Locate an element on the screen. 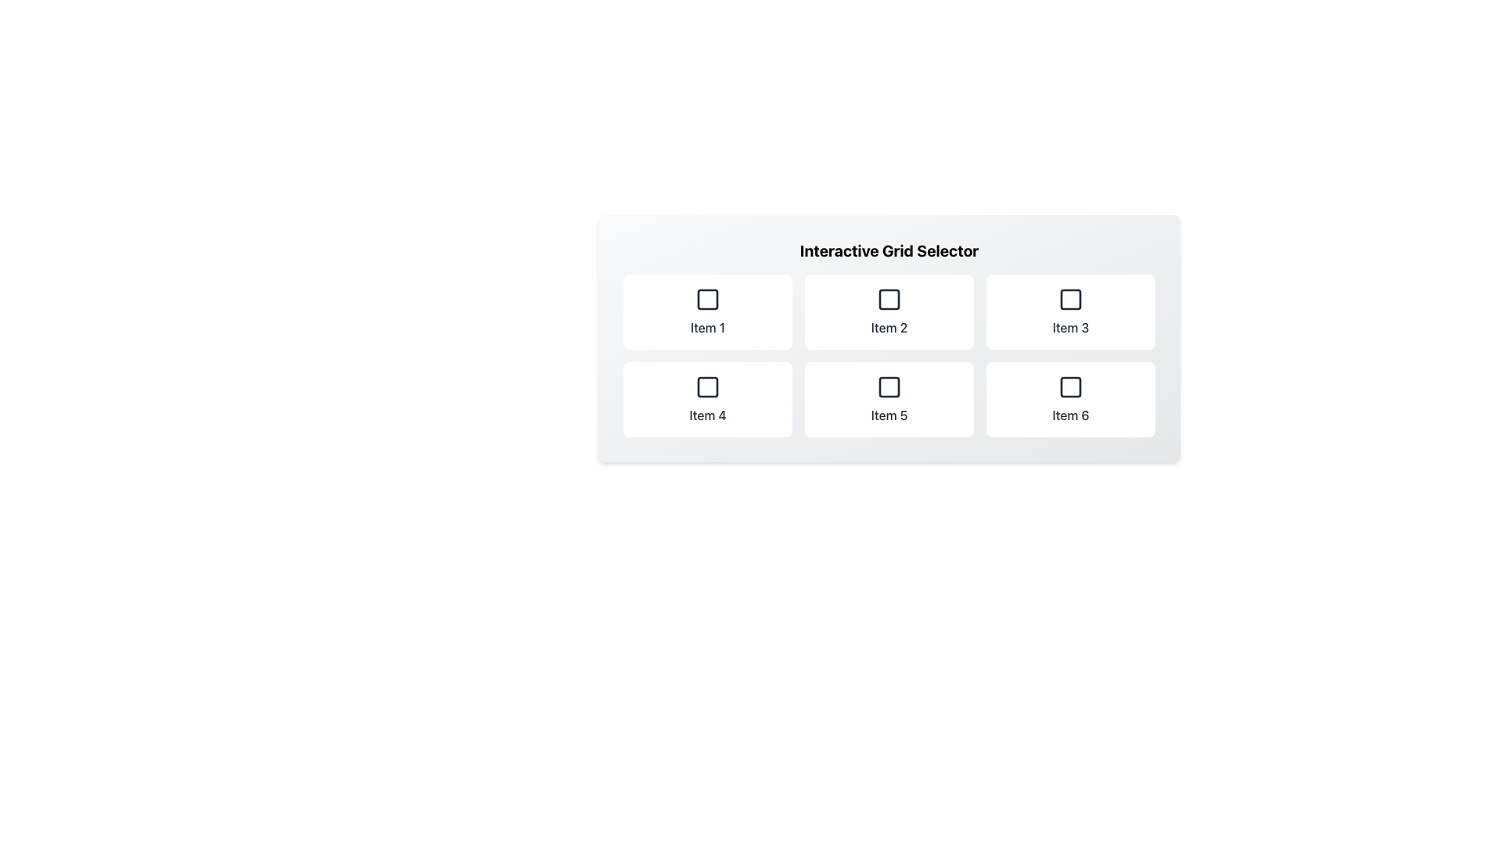 The height and width of the screenshot is (845, 1502). the checkbox or grid square selector located is located at coordinates (707, 387).